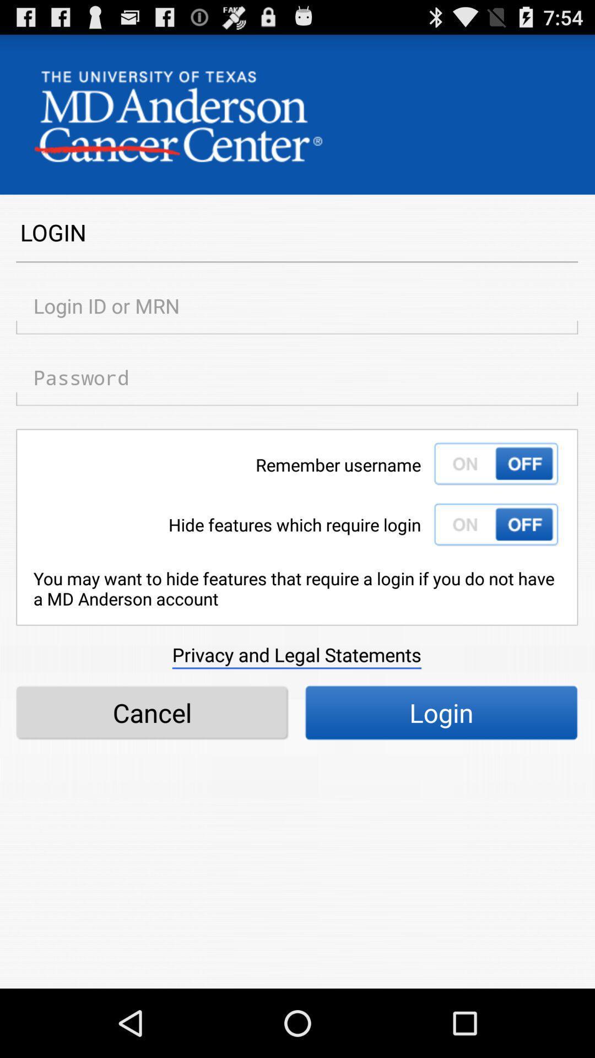  I want to click on the cancel at the bottom left corner, so click(152, 712).